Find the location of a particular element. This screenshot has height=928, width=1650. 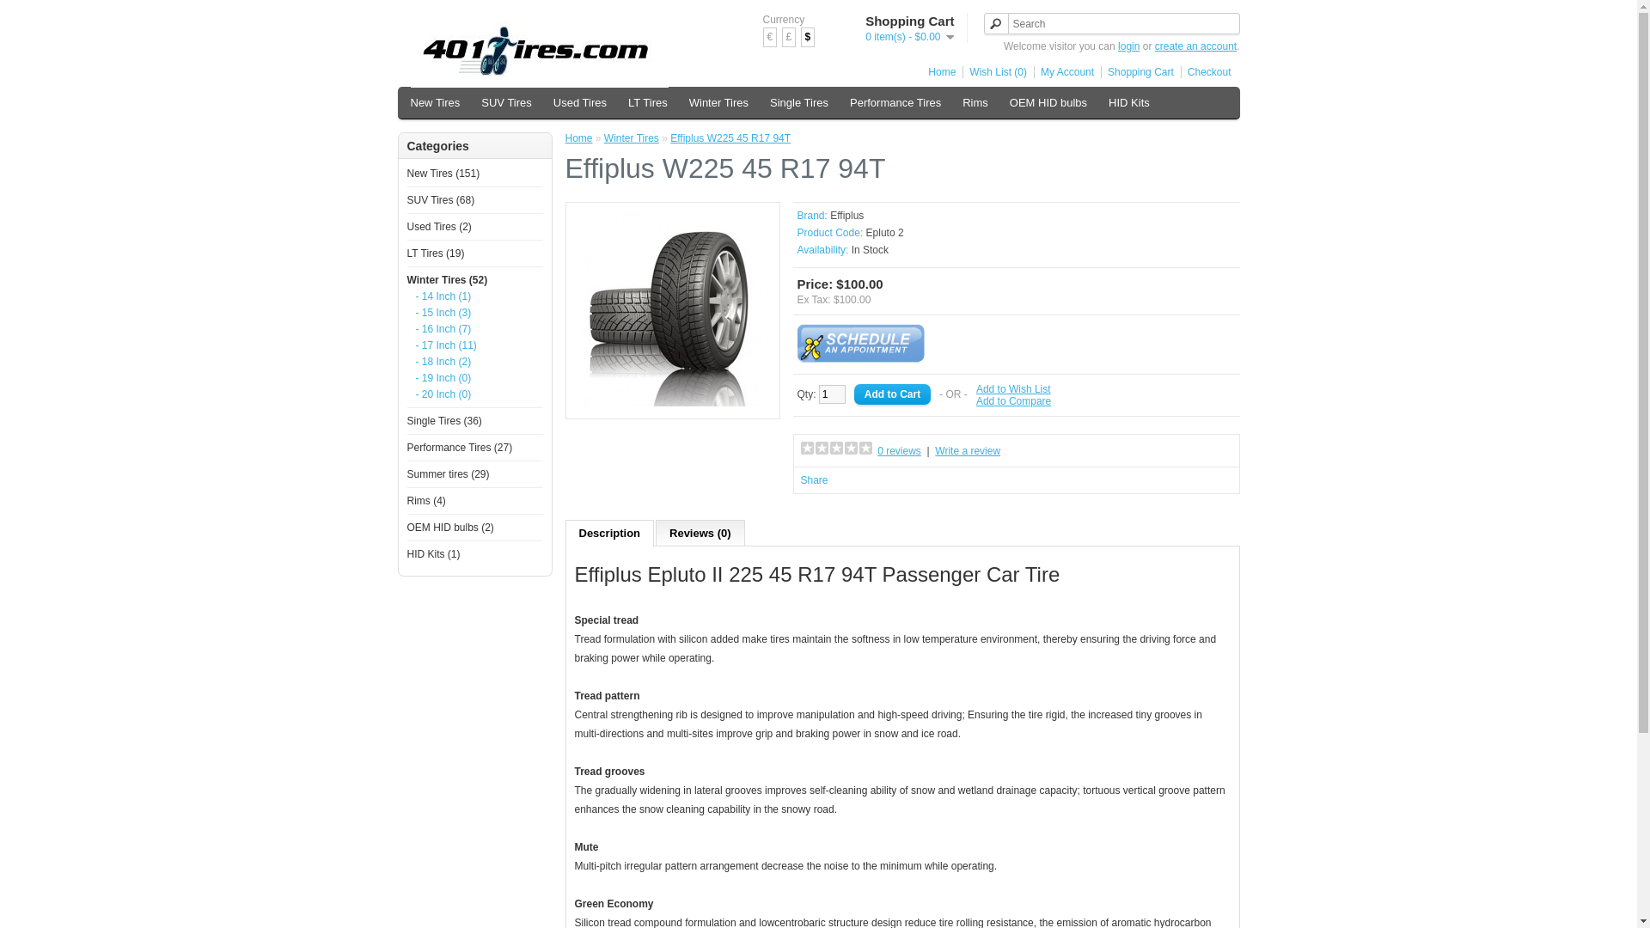

'Winter Tires' is located at coordinates (603, 137).